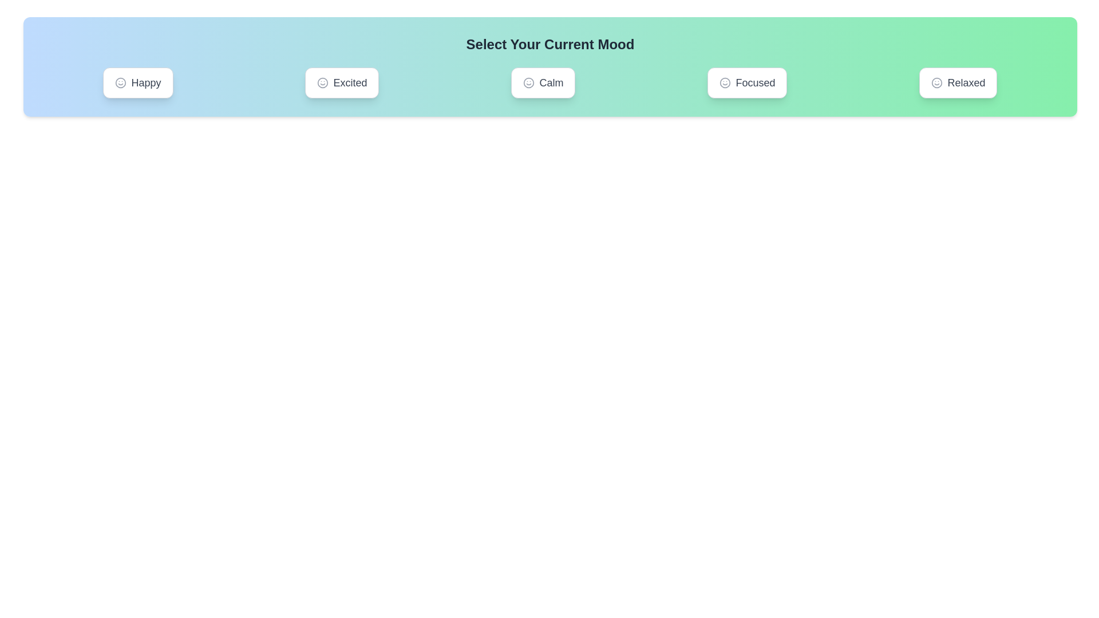  What do you see at coordinates (341, 82) in the screenshot?
I see `the mood button labeled Excited` at bounding box center [341, 82].